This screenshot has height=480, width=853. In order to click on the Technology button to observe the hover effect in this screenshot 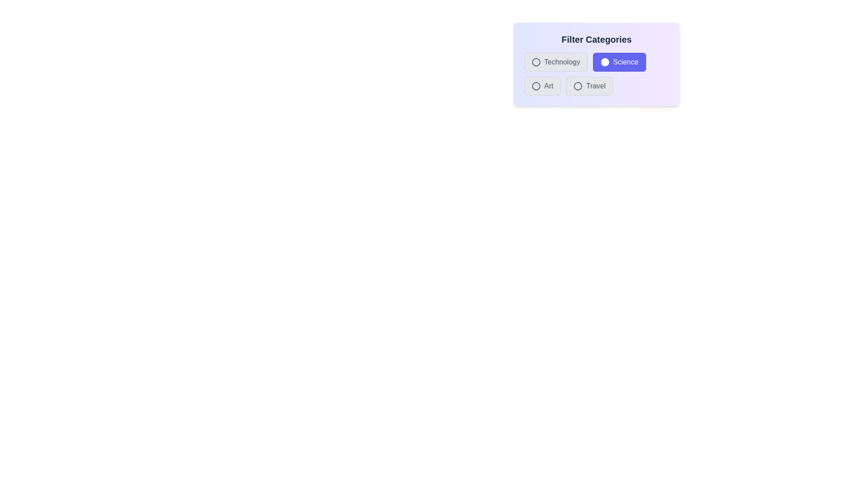, I will do `click(555, 61)`.